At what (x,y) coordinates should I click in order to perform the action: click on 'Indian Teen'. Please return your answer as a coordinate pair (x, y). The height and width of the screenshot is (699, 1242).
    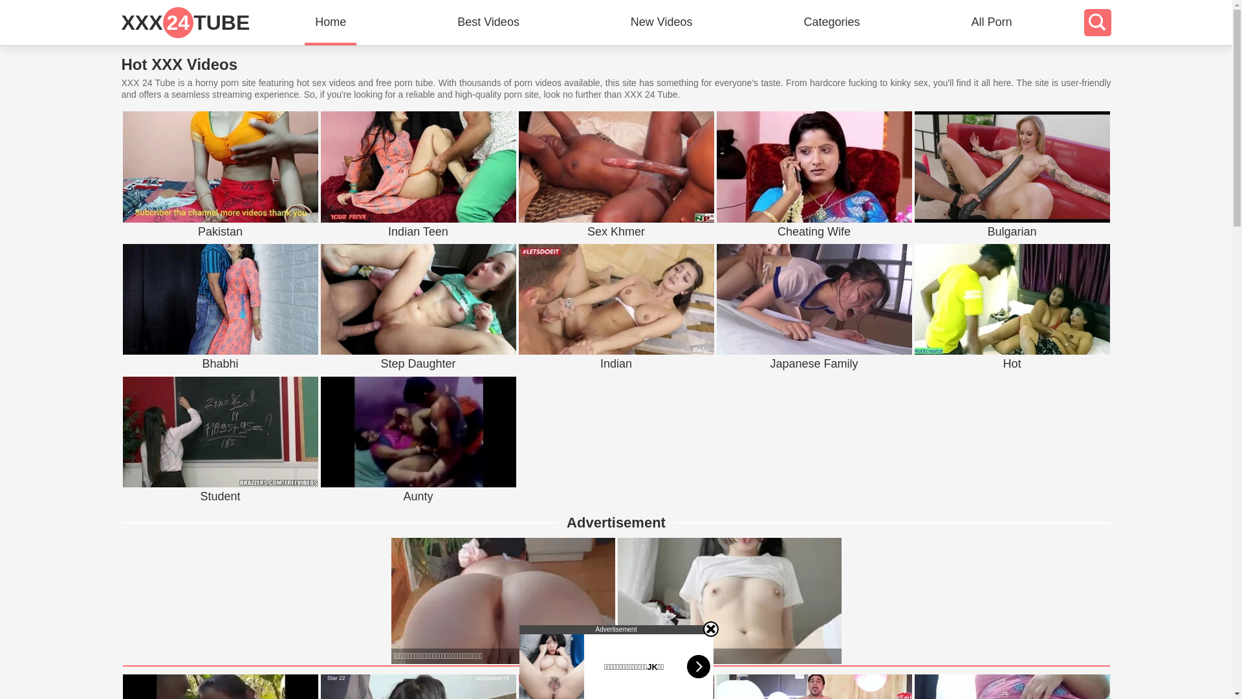
    Looking at the image, I should click on (419, 166).